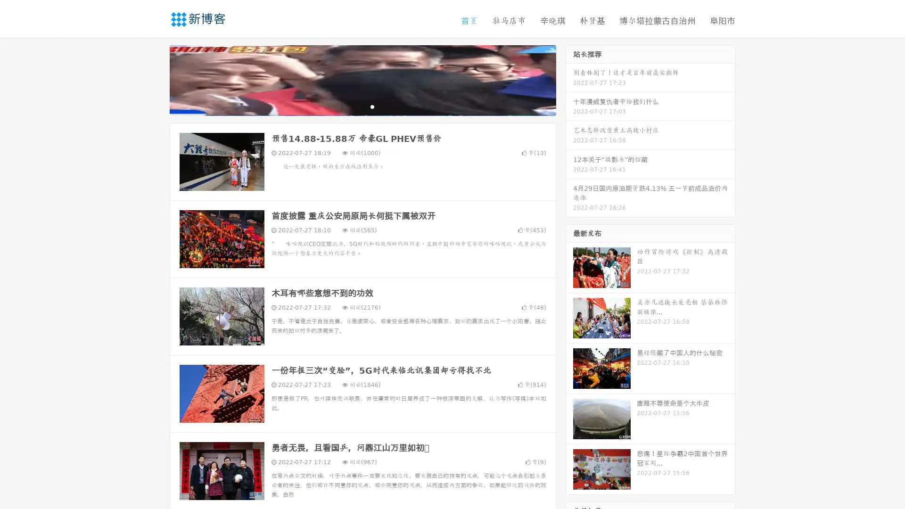 The height and width of the screenshot is (509, 905). I want to click on Go to slide 2, so click(362, 106).